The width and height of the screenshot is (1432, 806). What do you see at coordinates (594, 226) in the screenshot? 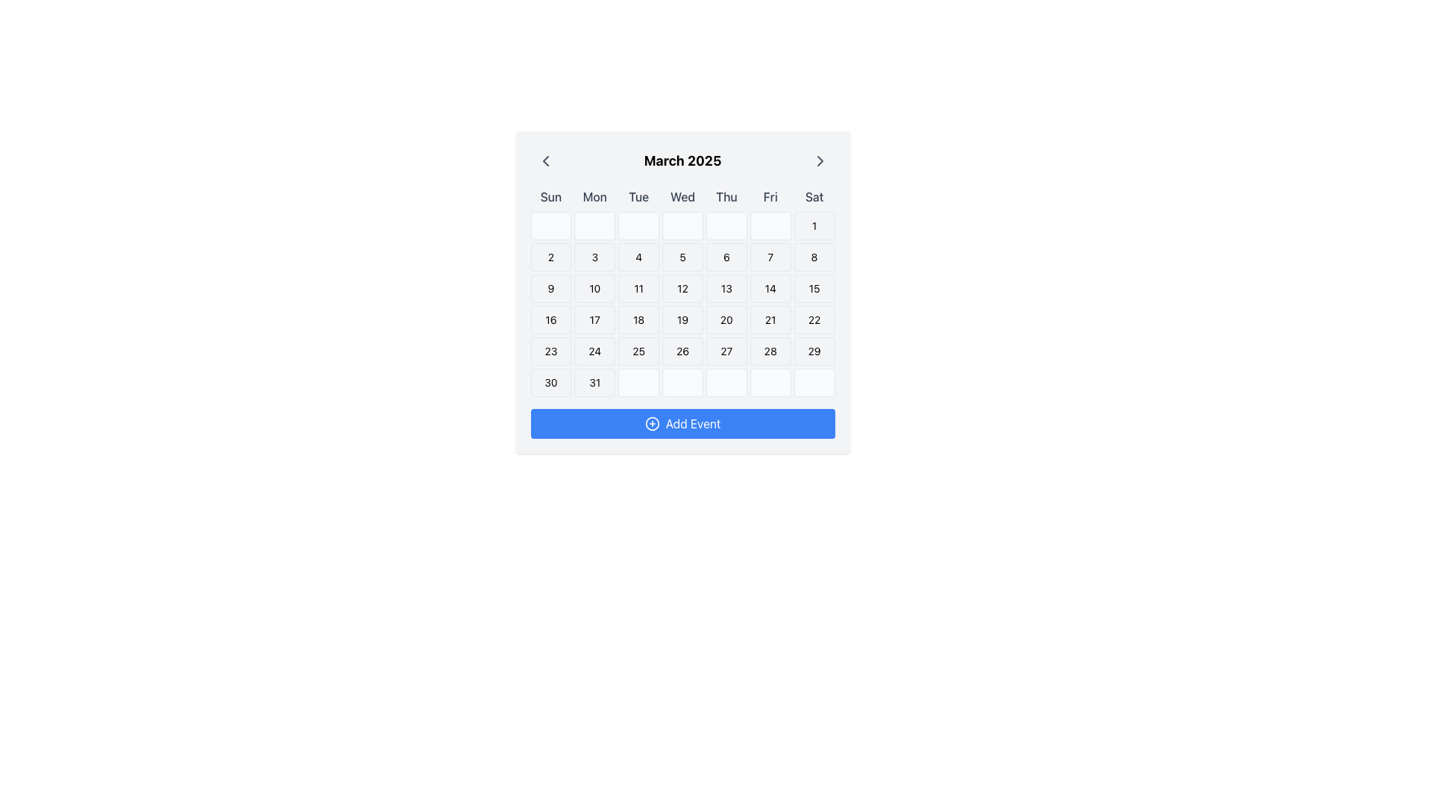
I see `the Placeholder cell or calendar date block, which is the second element in the first row of the calendar layout, located under the 'Mon' column` at bounding box center [594, 226].